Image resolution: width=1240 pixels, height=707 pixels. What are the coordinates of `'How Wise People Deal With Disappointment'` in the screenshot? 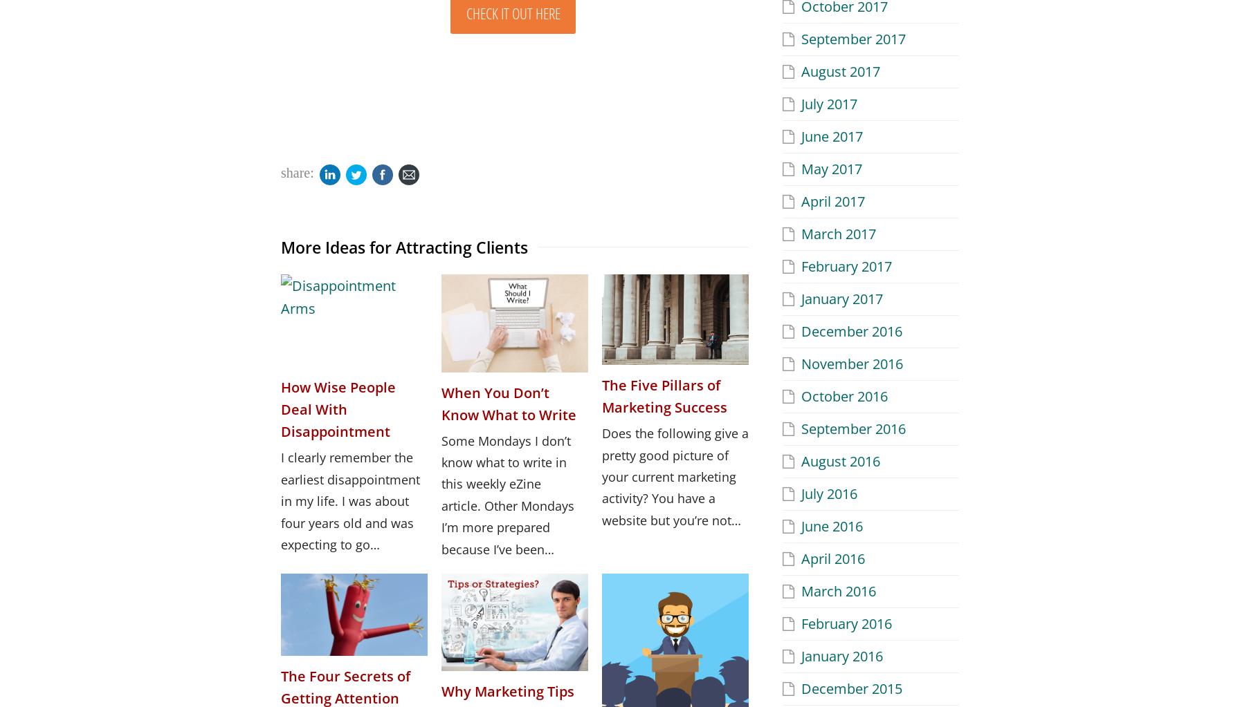 It's located at (338, 408).